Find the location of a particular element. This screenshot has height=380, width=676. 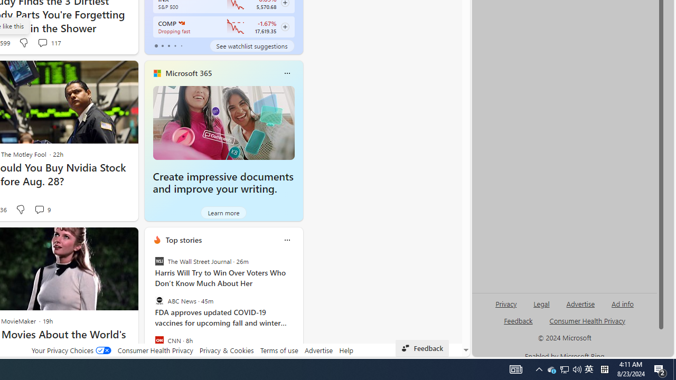

'AutomationID: sb_feedback' is located at coordinates (518, 320).